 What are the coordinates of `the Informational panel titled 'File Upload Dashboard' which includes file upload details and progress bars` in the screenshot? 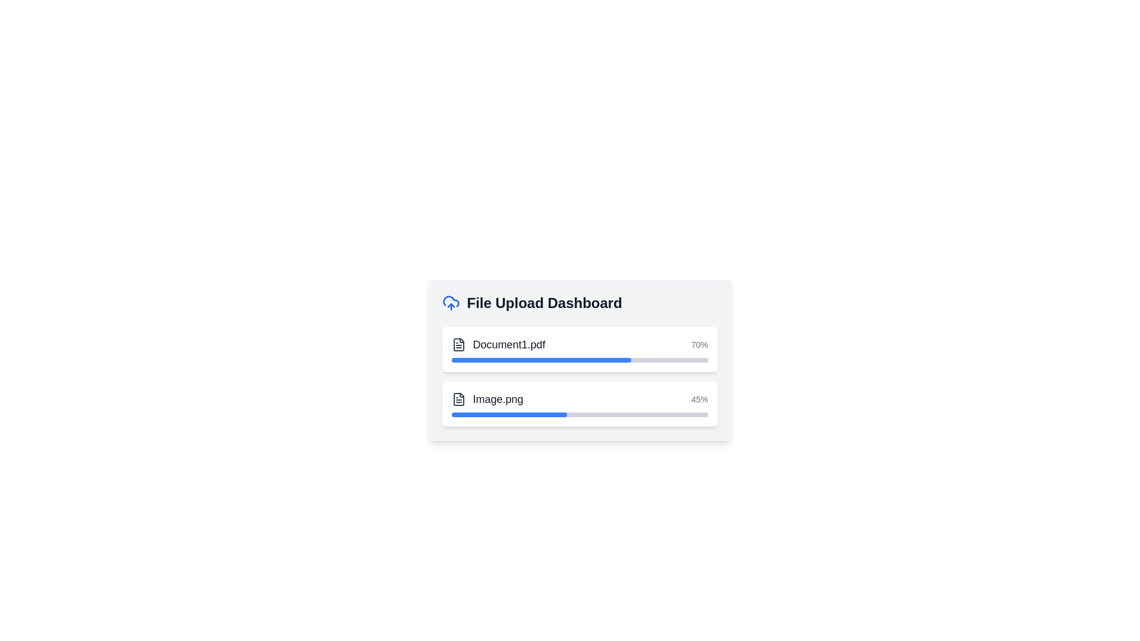 It's located at (579, 359).